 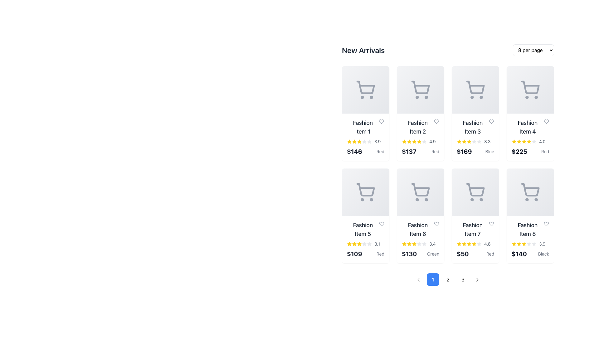 I want to click on the third star icon in the rating section of the product card for 'Fashion Item 3' to interact and possibly rate the product, so click(x=464, y=141).